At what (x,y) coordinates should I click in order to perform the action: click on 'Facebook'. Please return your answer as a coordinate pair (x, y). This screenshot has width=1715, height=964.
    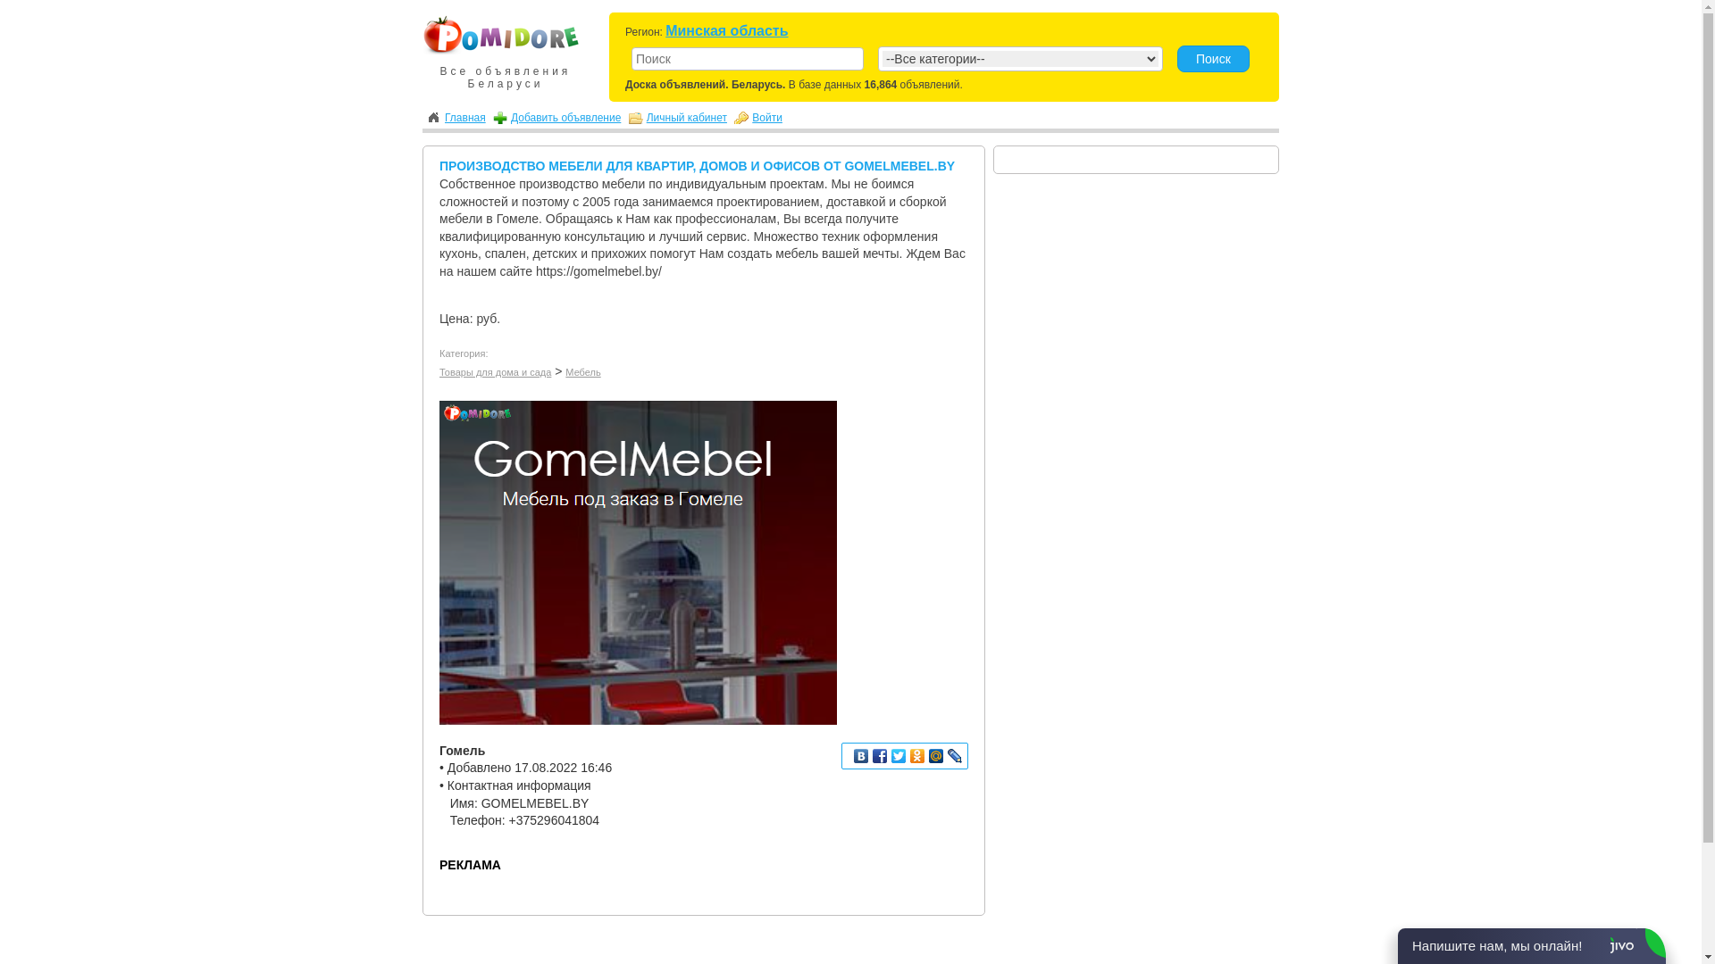
    Looking at the image, I should click on (880, 756).